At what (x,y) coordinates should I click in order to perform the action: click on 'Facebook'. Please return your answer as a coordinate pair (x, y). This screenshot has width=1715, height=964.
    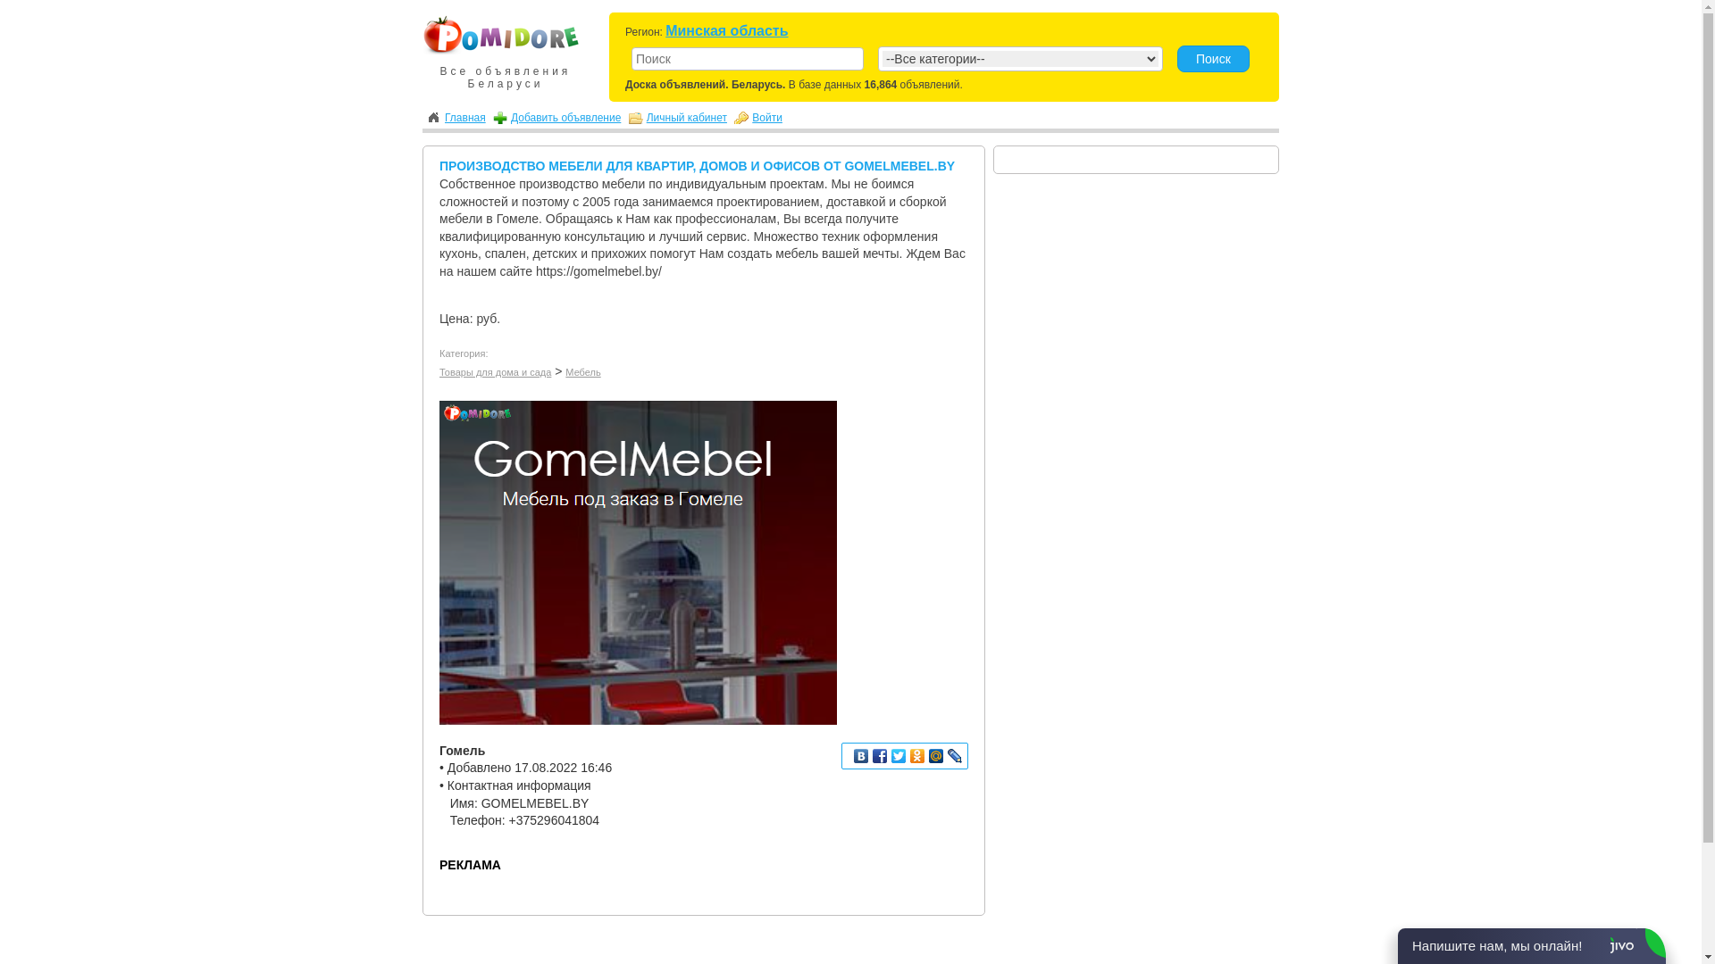
    Looking at the image, I should click on (880, 756).